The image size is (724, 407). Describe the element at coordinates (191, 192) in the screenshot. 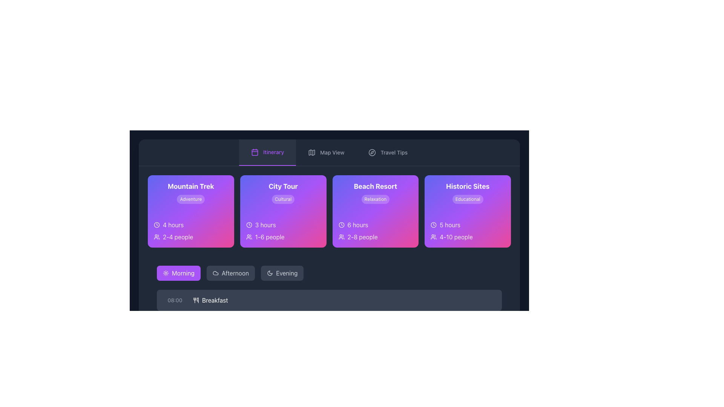

I see `the category tag labeled 'Adventure' located below the title 'Mountain Trek' in the first card of the horizontal list` at that location.